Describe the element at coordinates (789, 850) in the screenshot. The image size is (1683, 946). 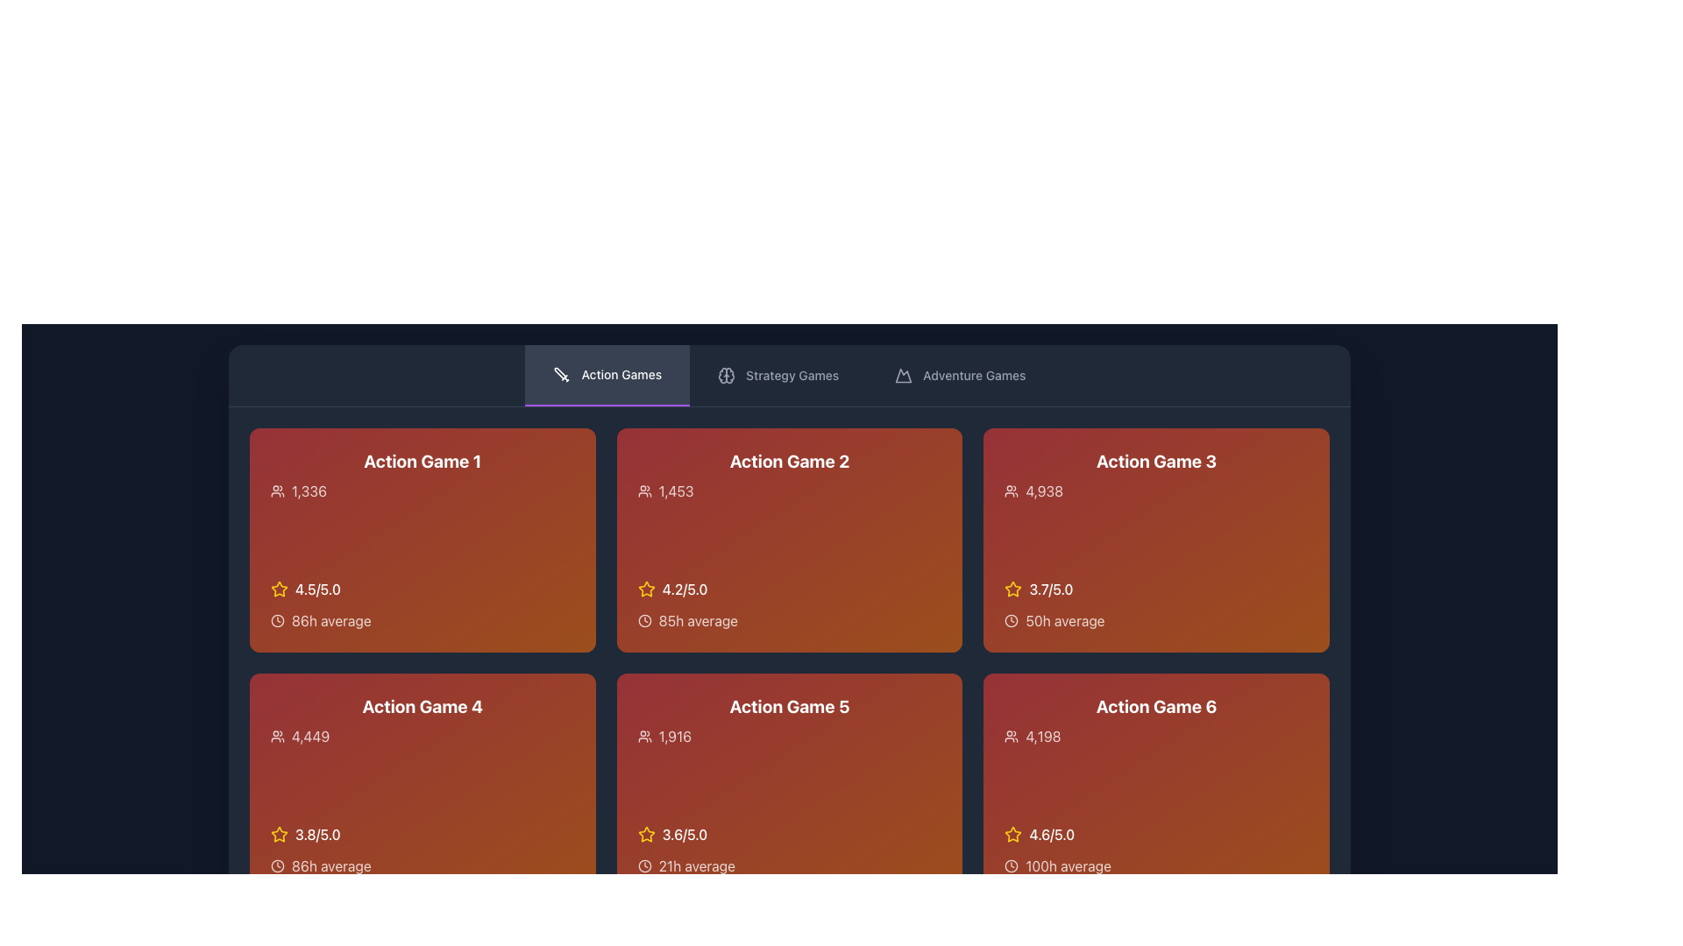
I see `the Composite information display that provides information about the game 'Action Game 5', located at the bottom section of the game card` at that location.